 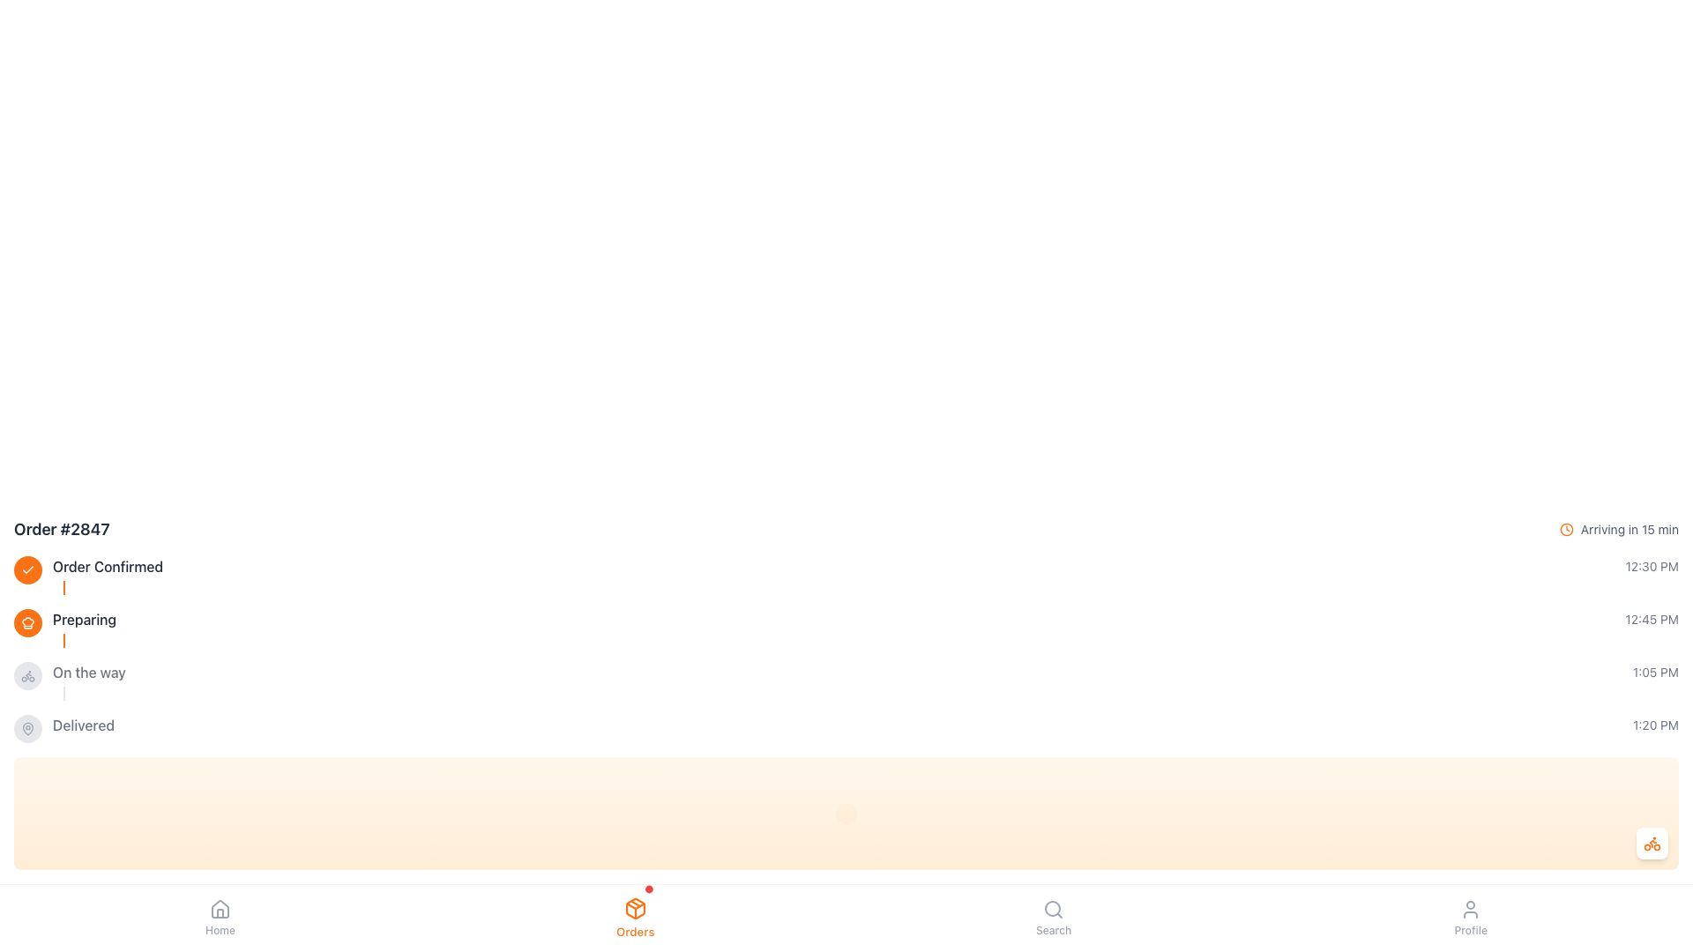 I want to click on the 'Preparing' status icon located in the second row of the status tracker, which is situated above 'On the way' and below 'Order Confirmed', so click(x=28, y=621).